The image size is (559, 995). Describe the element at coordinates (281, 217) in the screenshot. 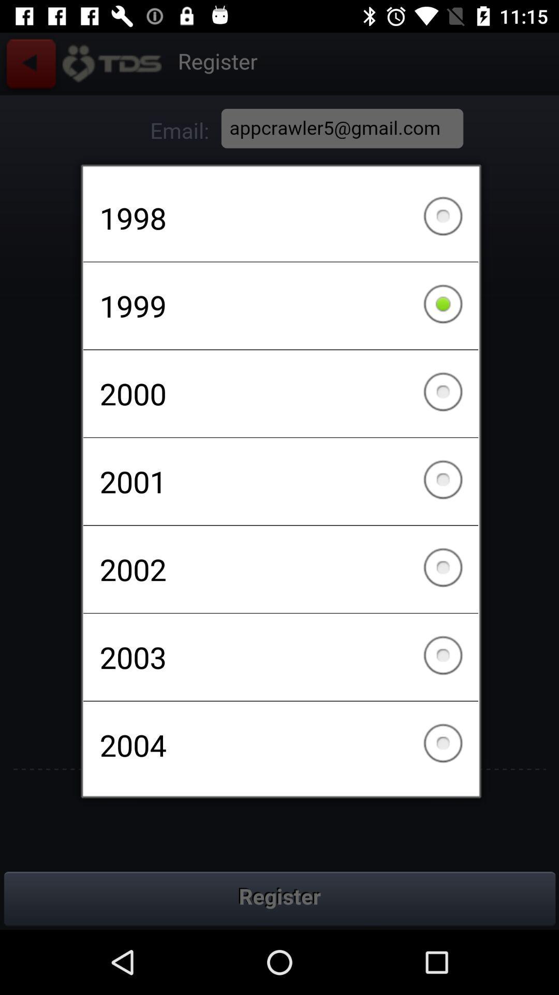

I see `the checkbox above 1999 checkbox` at that location.